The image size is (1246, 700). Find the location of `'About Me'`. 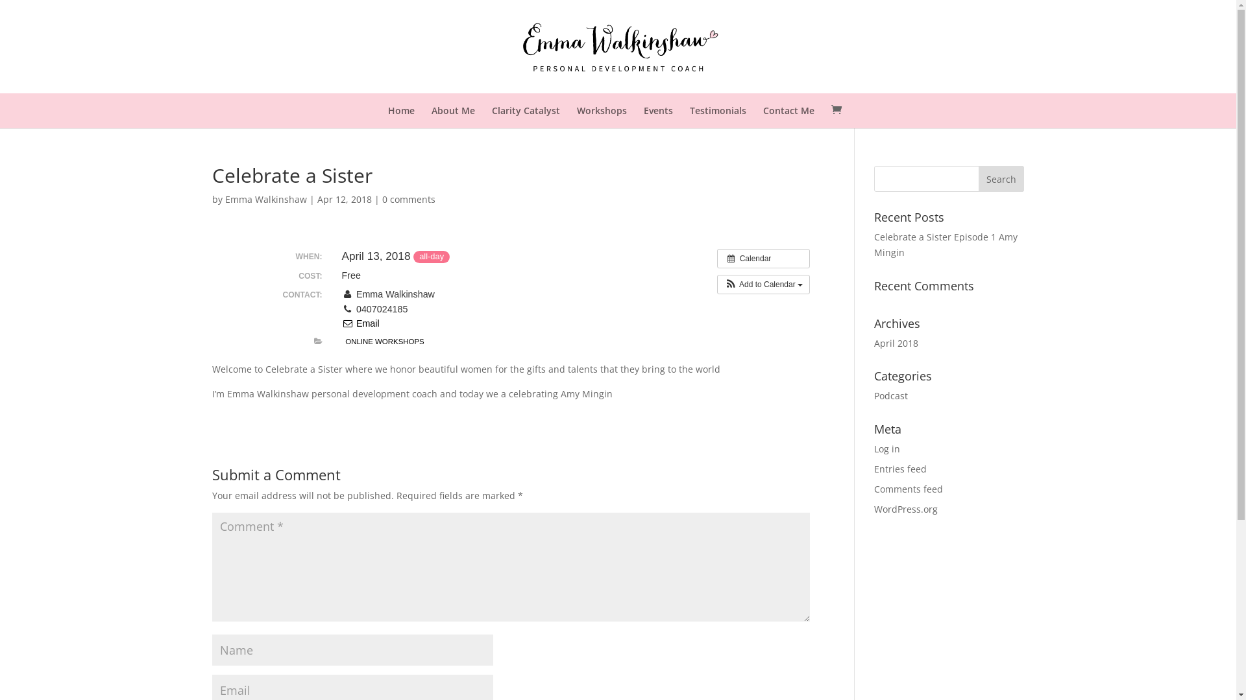

'About Me' is located at coordinates (432, 110).